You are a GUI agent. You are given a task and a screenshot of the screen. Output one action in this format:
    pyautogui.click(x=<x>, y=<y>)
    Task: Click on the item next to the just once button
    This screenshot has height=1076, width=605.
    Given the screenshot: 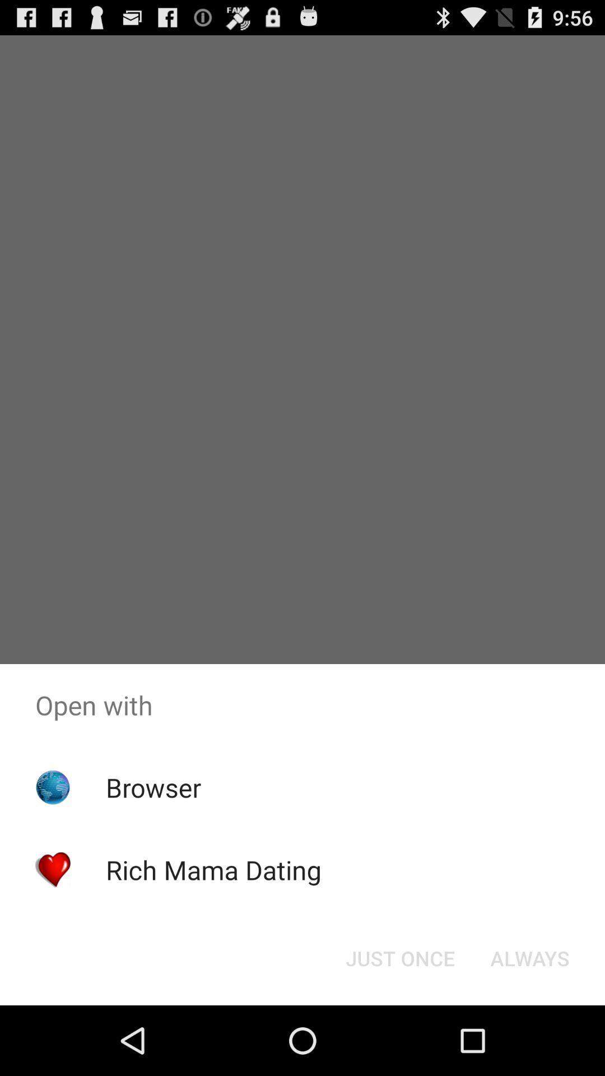 What is the action you would take?
    pyautogui.click(x=529, y=957)
    